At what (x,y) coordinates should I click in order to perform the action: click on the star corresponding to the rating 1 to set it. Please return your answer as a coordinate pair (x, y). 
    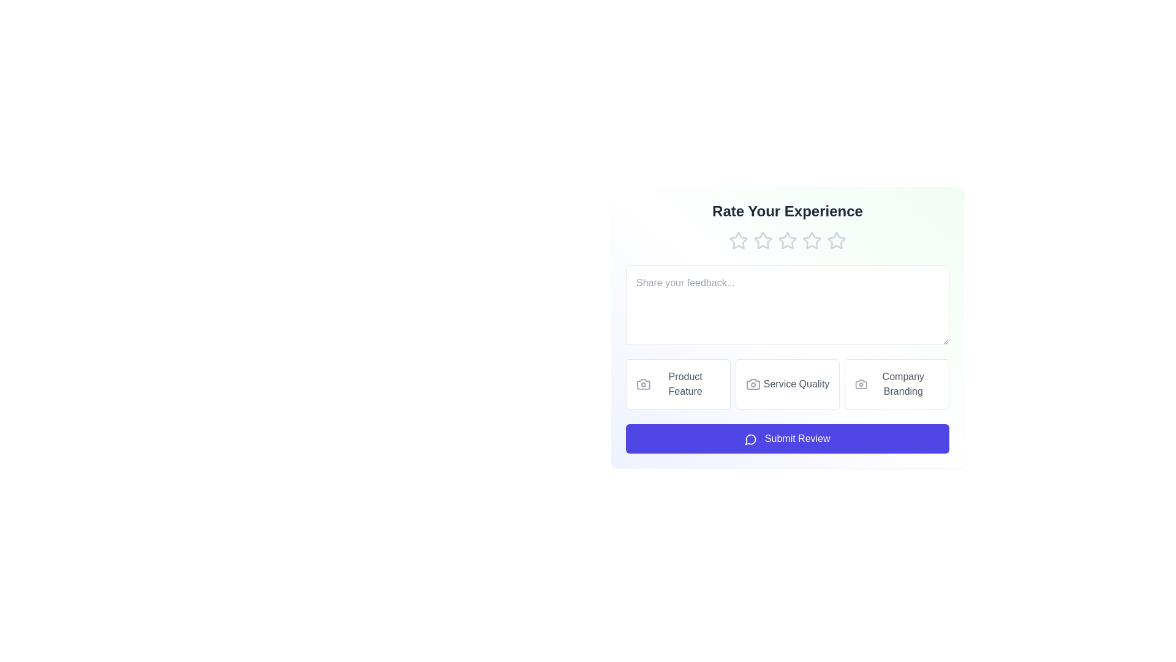
    Looking at the image, I should click on (737, 241).